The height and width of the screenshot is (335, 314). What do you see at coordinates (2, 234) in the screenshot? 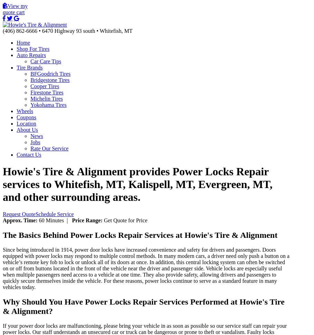
I see `'The Basics Behind Power Locks Repair Services at Howie's Tire & Alignment'` at bounding box center [2, 234].